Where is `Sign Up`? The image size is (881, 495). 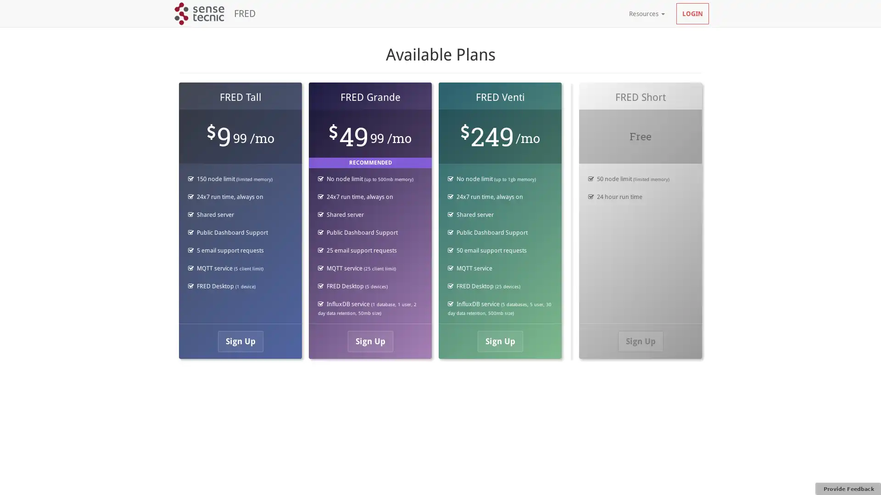
Sign Up is located at coordinates (370, 341).